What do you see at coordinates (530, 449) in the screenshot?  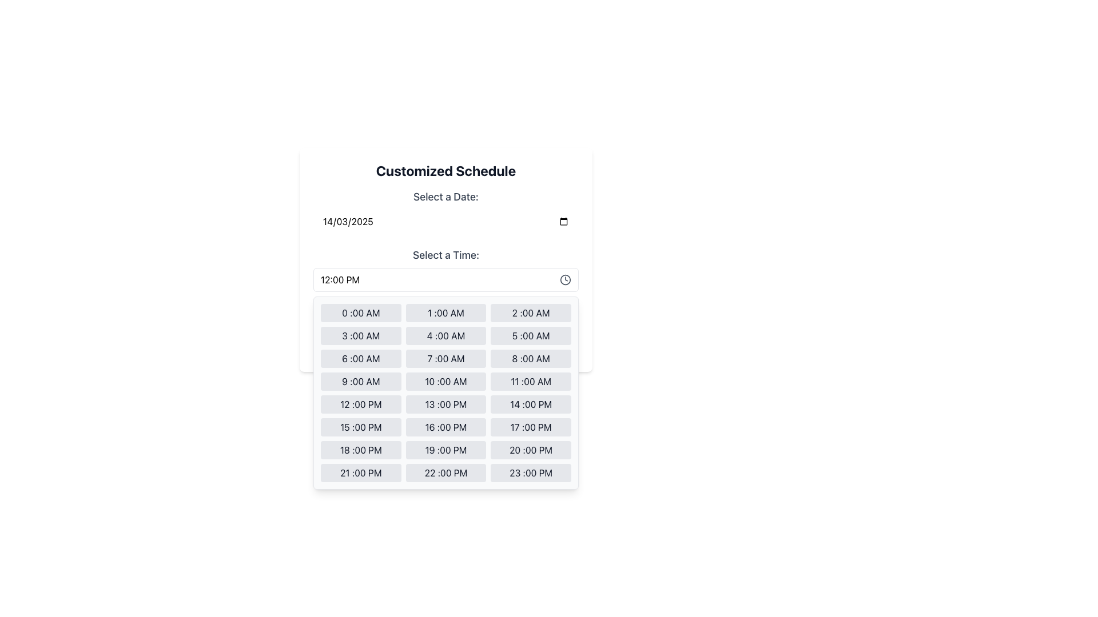 I see `the button displaying '20:00 PM'` at bounding box center [530, 449].